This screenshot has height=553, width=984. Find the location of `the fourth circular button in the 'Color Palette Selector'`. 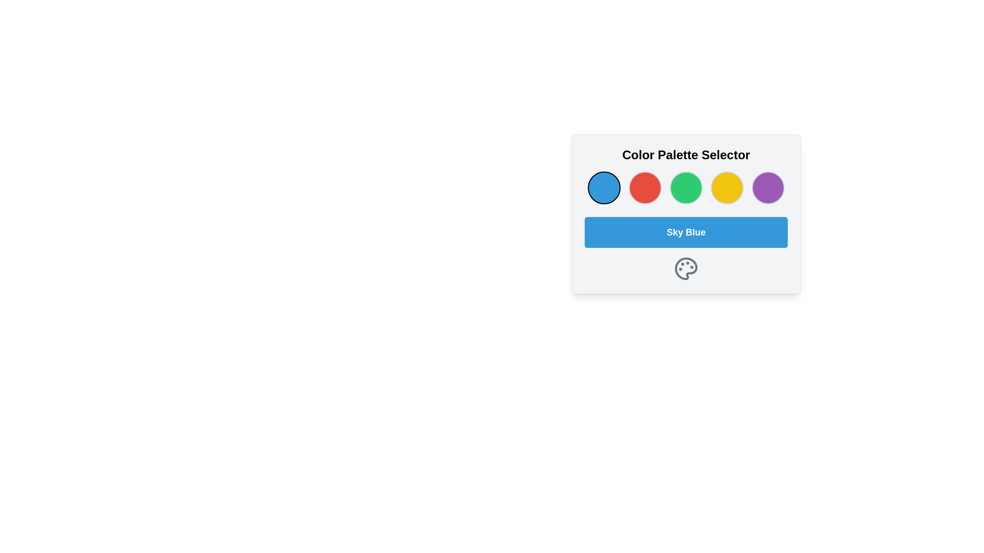

the fourth circular button in the 'Color Palette Selector' is located at coordinates (727, 187).